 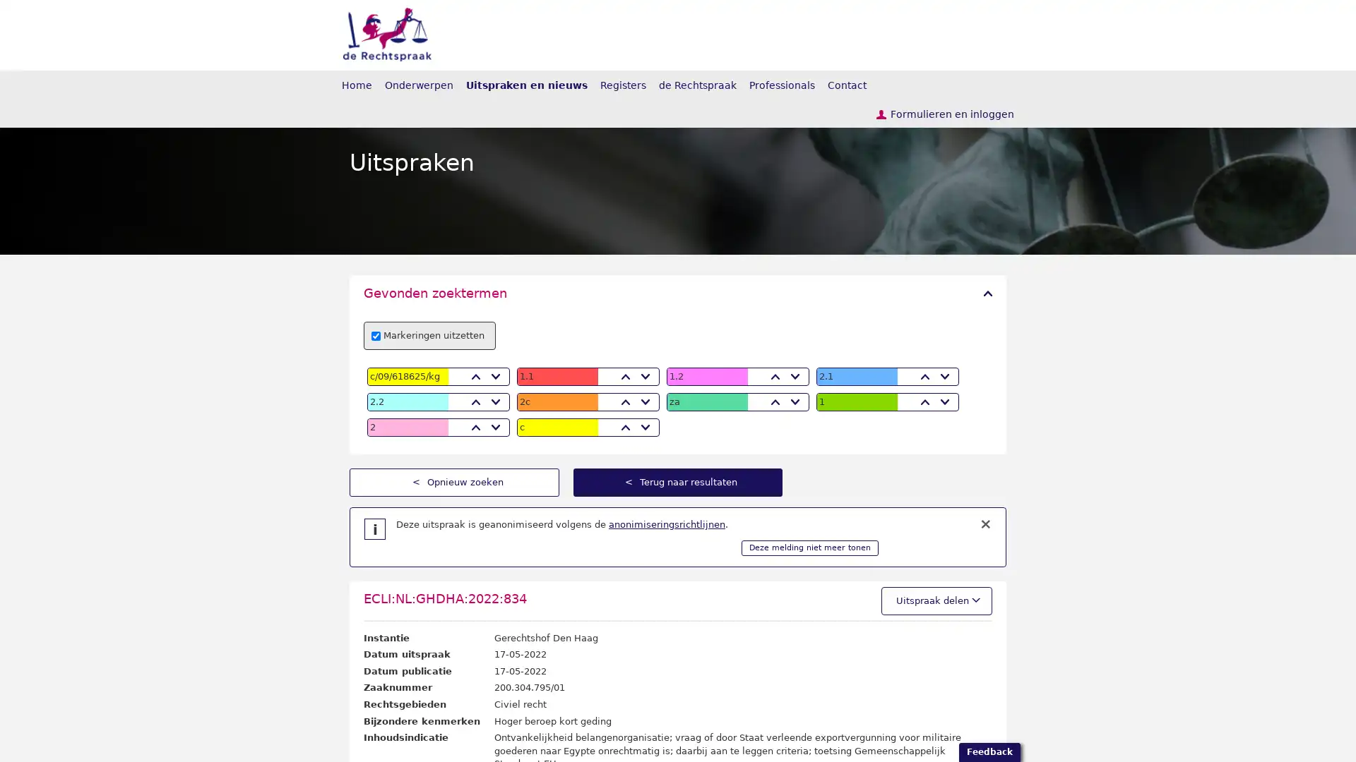 I want to click on Volgende zoek term, so click(x=644, y=375).